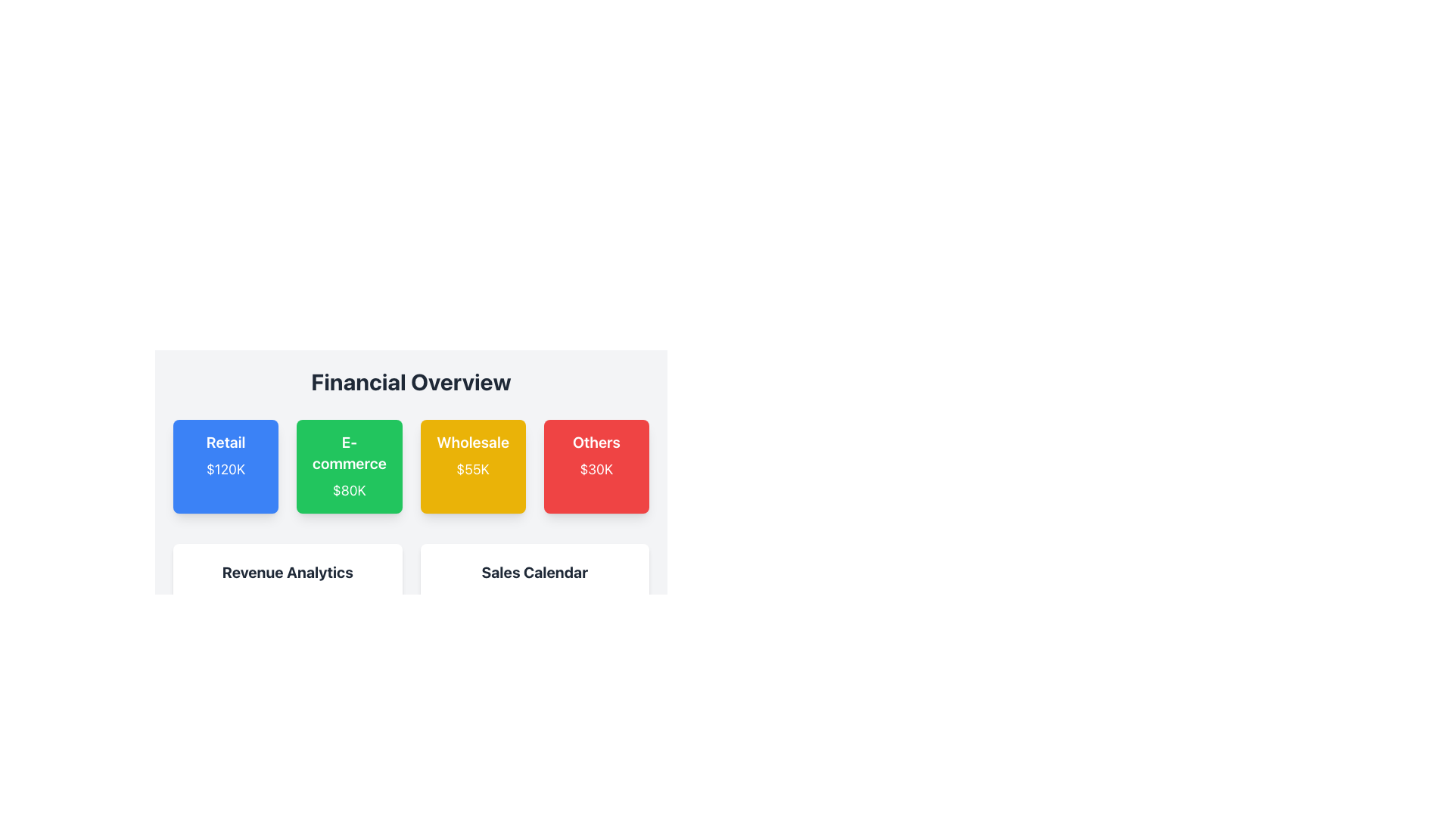 The height and width of the screenshot is (817, 1453). What do you see at coordinates (534, 572) in the screenshot?
I see `'Sales Calendar' text label, which serves as a header for the section indicating its content and functionality` at bounding box center [534, 572].